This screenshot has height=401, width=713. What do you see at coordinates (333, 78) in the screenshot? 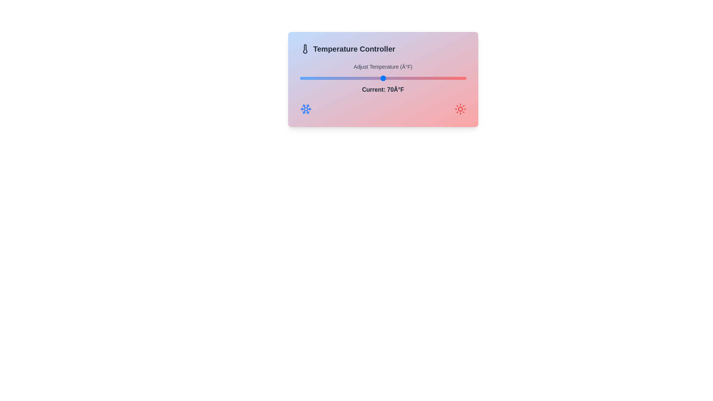
I see `the temperature to 58 degrees Fahrenheit using the slider` at bounding box center [333, 78].